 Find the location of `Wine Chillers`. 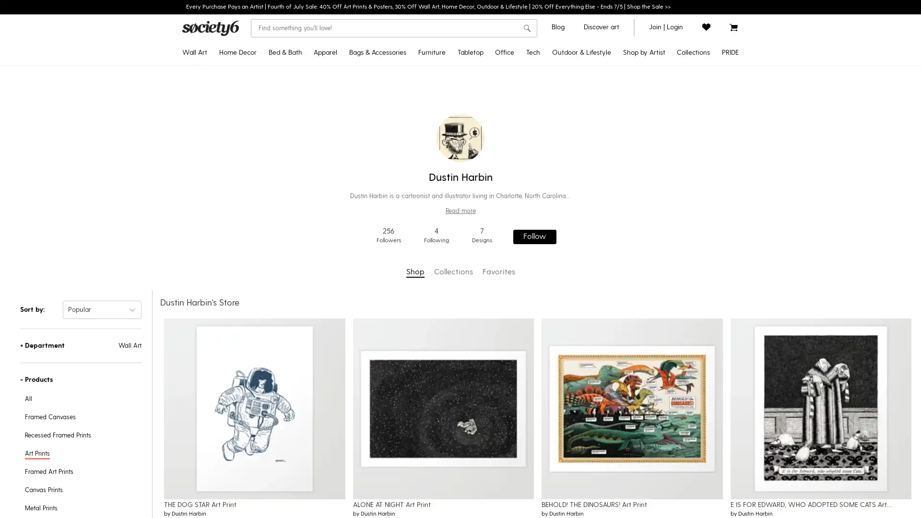

Wine Chillers is located at coordinates (594, 185).